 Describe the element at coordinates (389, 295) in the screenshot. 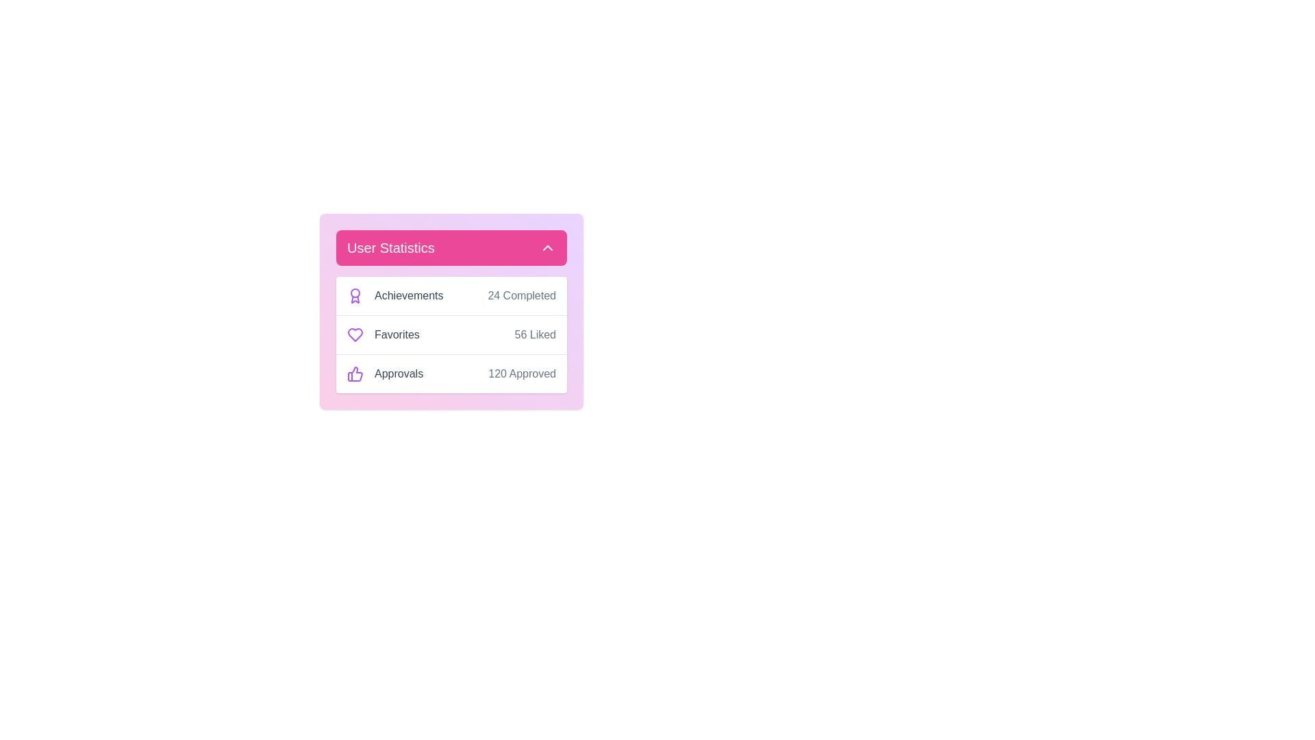

I see `the statistic entry Achievements to trigger visual feedback` at that location.